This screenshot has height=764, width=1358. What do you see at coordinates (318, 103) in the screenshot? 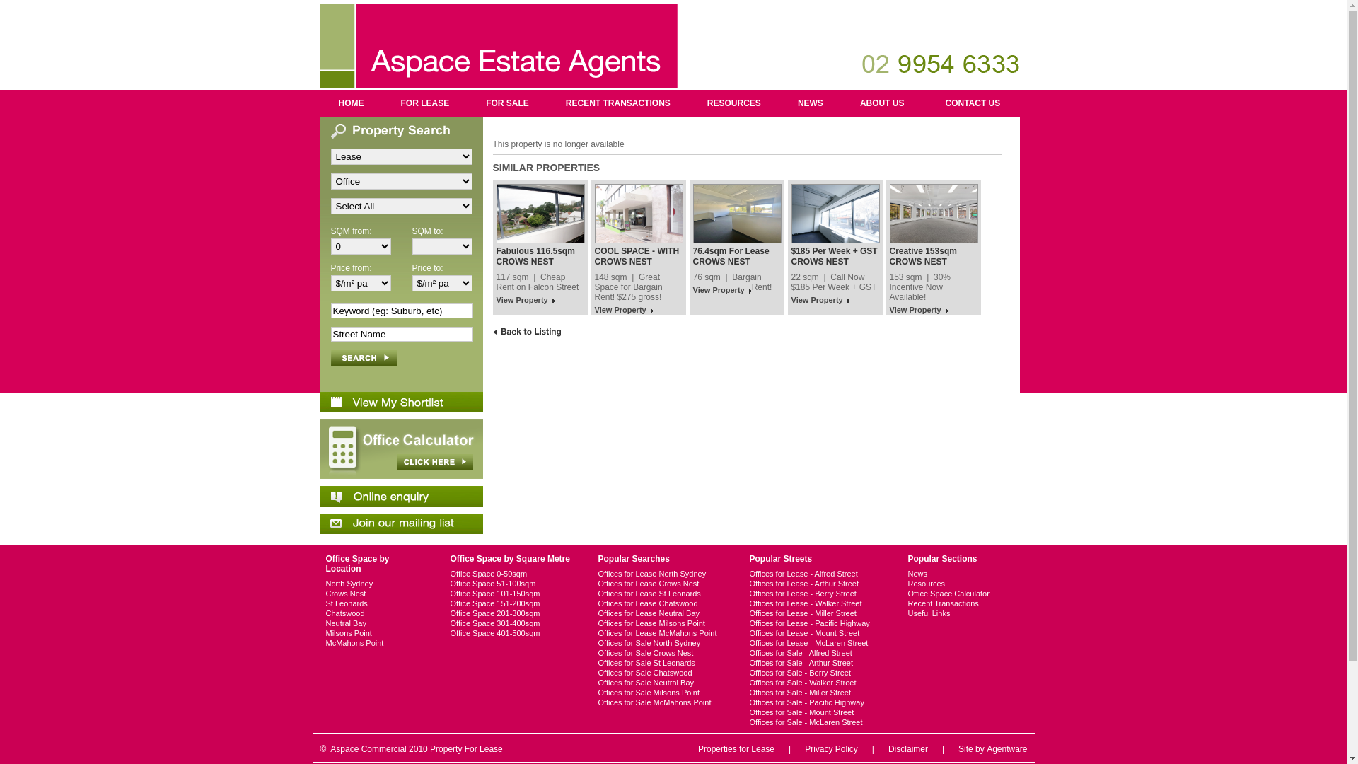
I see `'HOME'` at bounding box center [318, 103].